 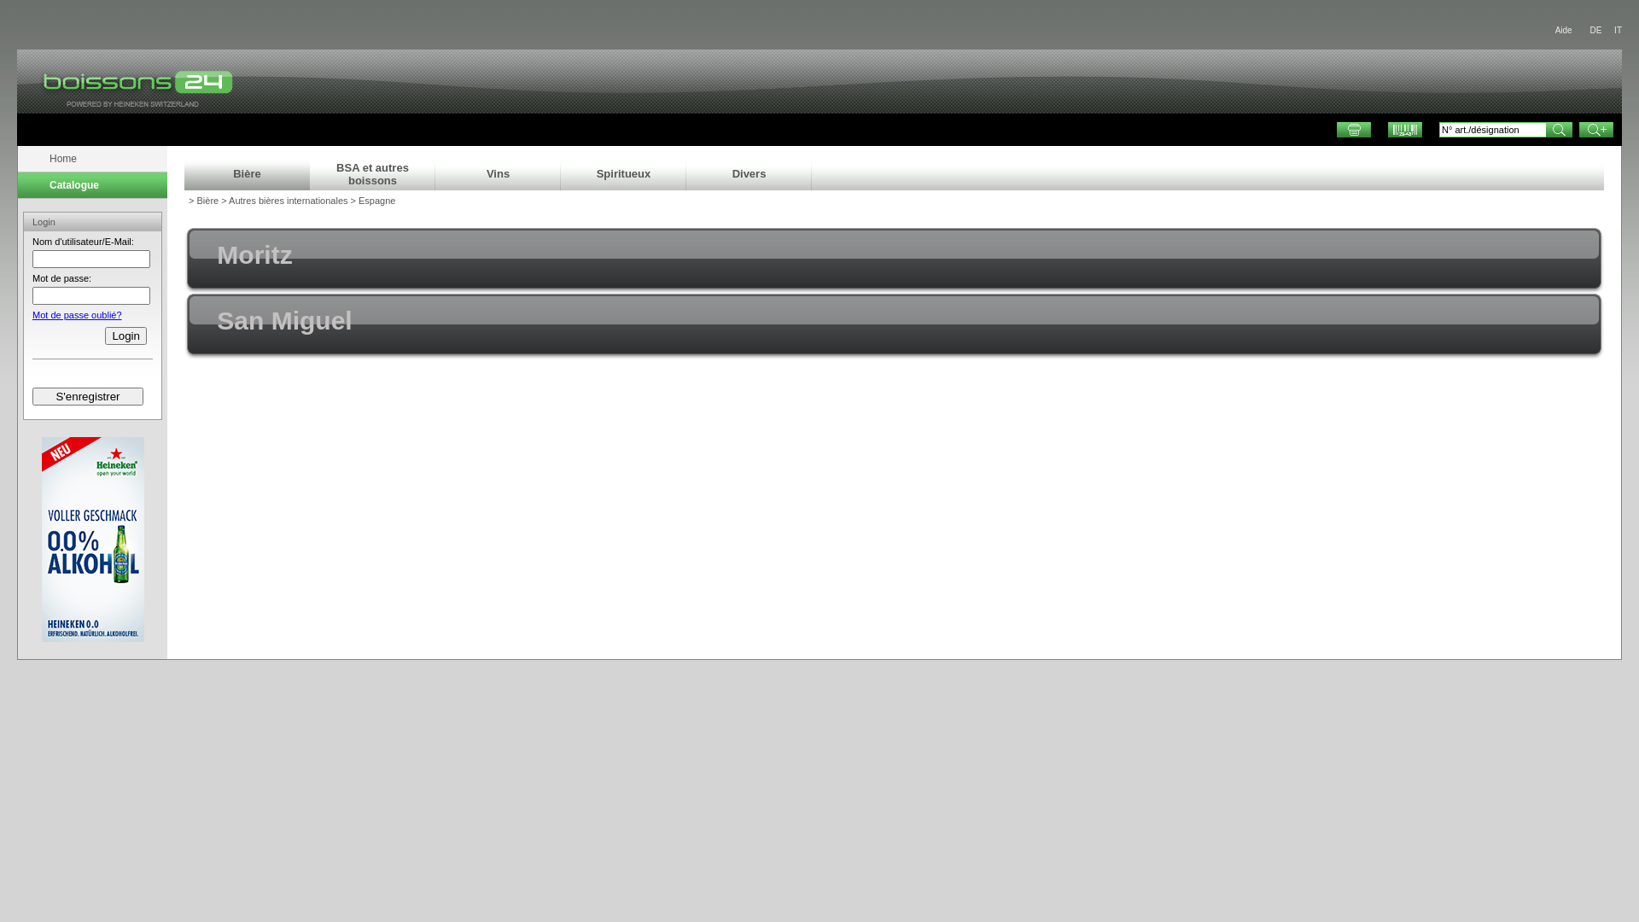 What do you see at coordinates (1594, 30) in the screenshot?
I see `'DE'` at bounding box center [1594, 30].